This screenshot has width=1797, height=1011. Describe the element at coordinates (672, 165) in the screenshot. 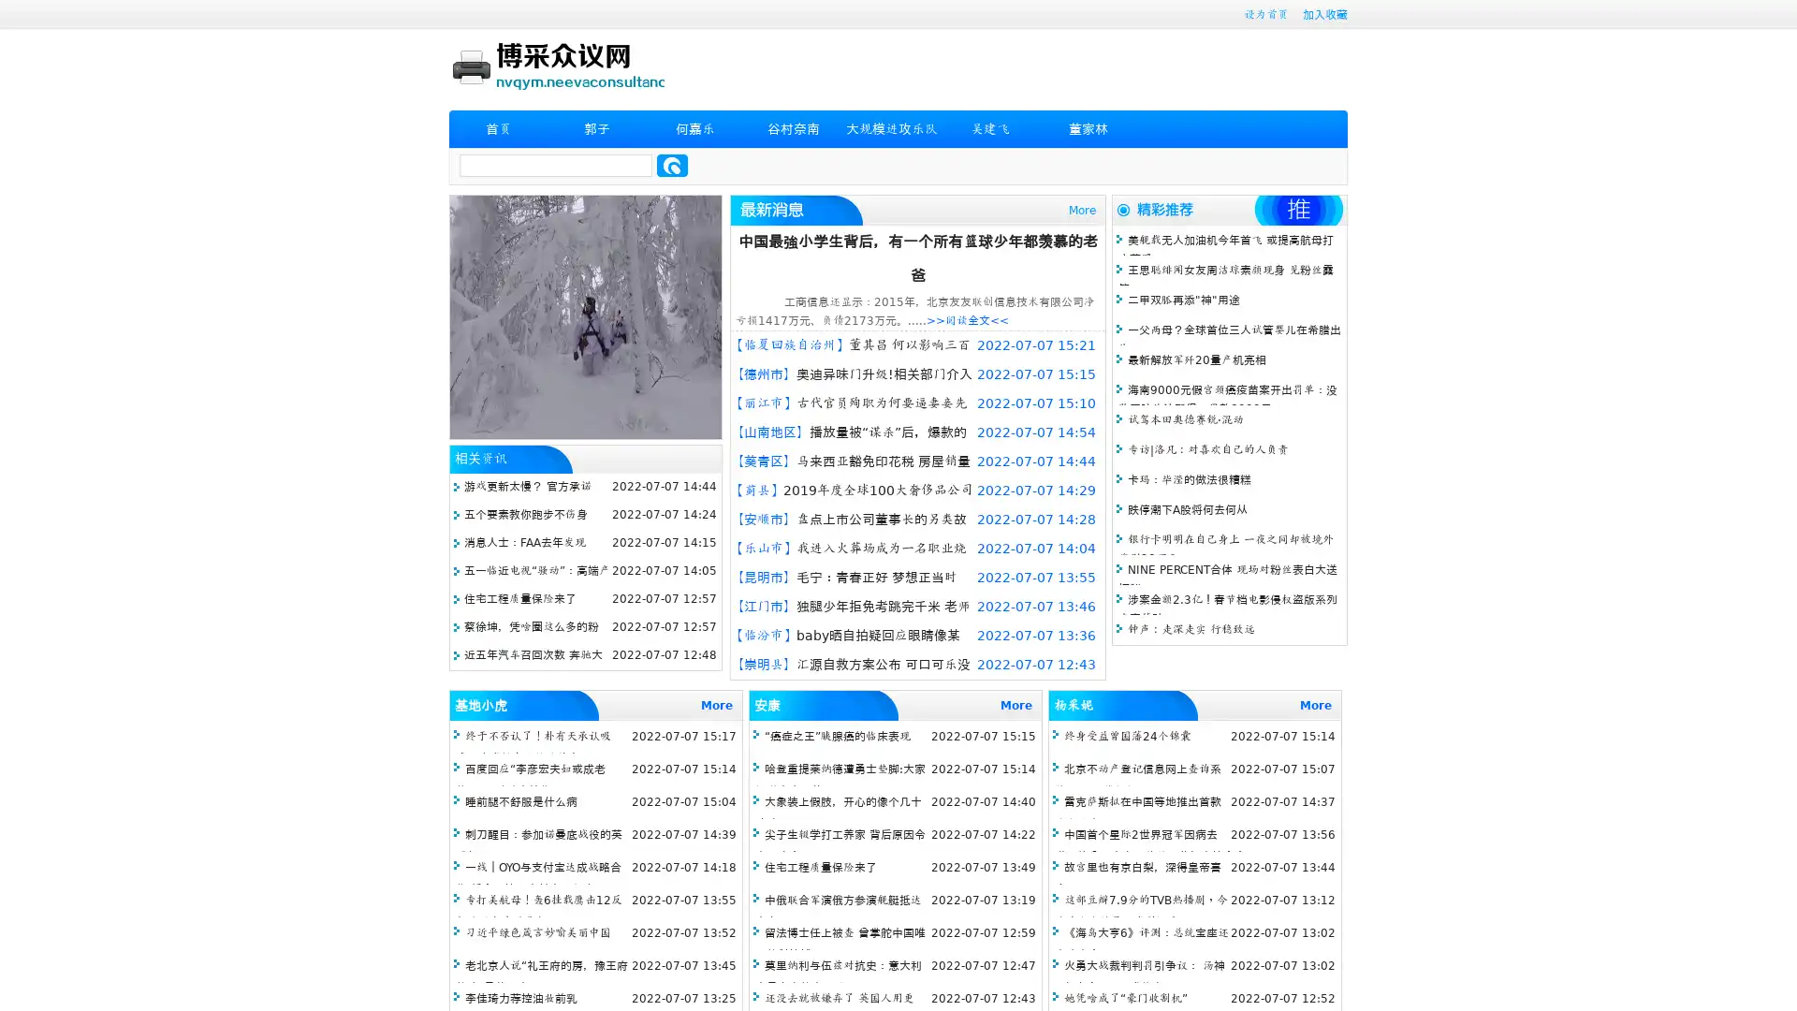

I see `Search` at that location.